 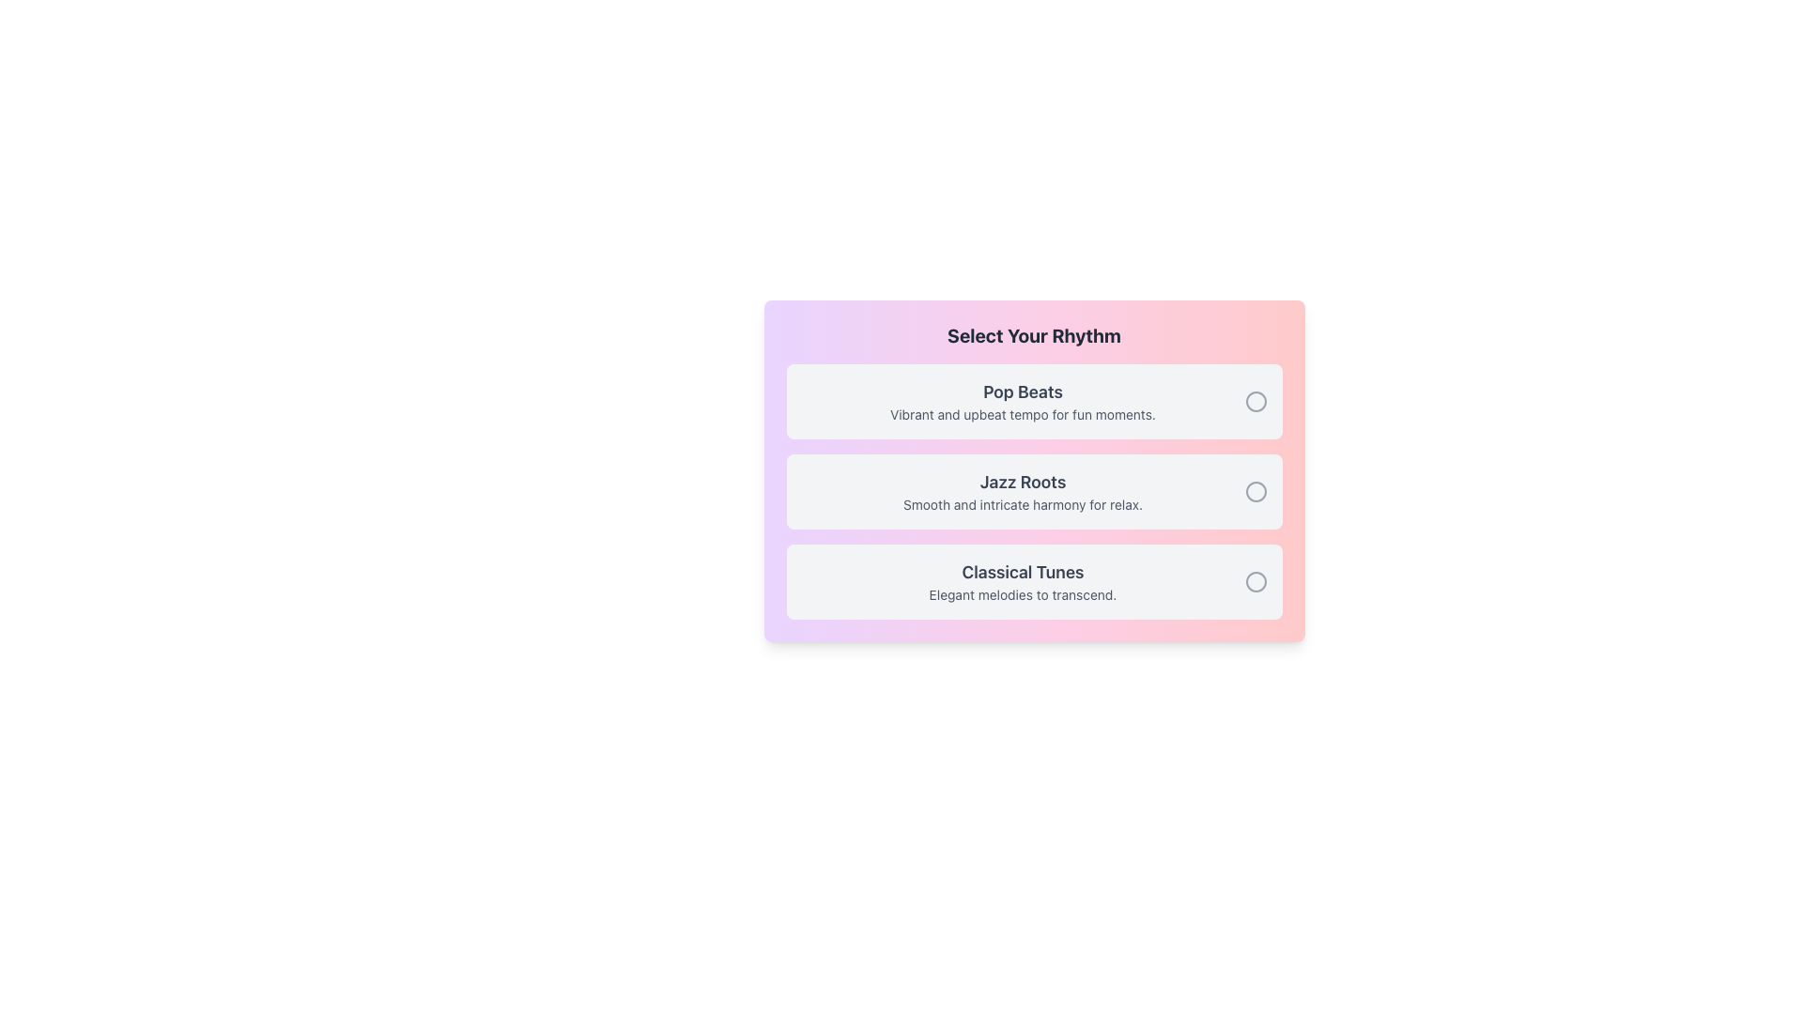 I want to click on text label displaying 'Jazz Roots', which is bold, larger, and dark gray, located in the central section of the card under 'Select Your Rhythm', so click(x=1022, y=481).